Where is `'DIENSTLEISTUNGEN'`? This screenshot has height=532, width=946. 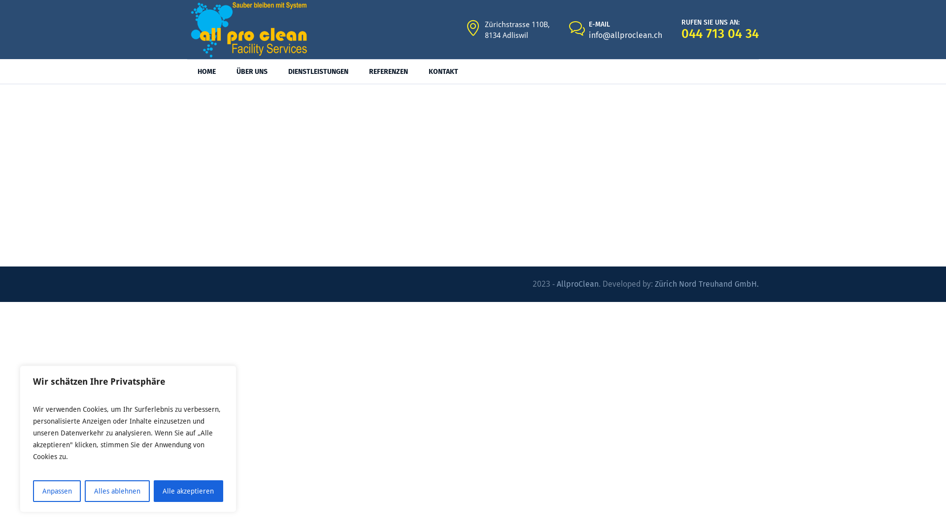 'DIENSTLEISTUNGEN' is located at coordinates (318, 71).